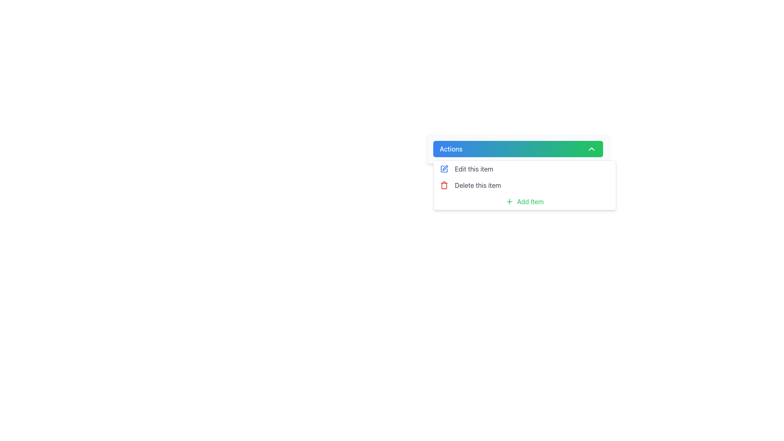  I want to click on the interactive toggle icon located to the far right of the 'Actions' button, which is a large rectangular button with a gradient background, so click(592, 149).